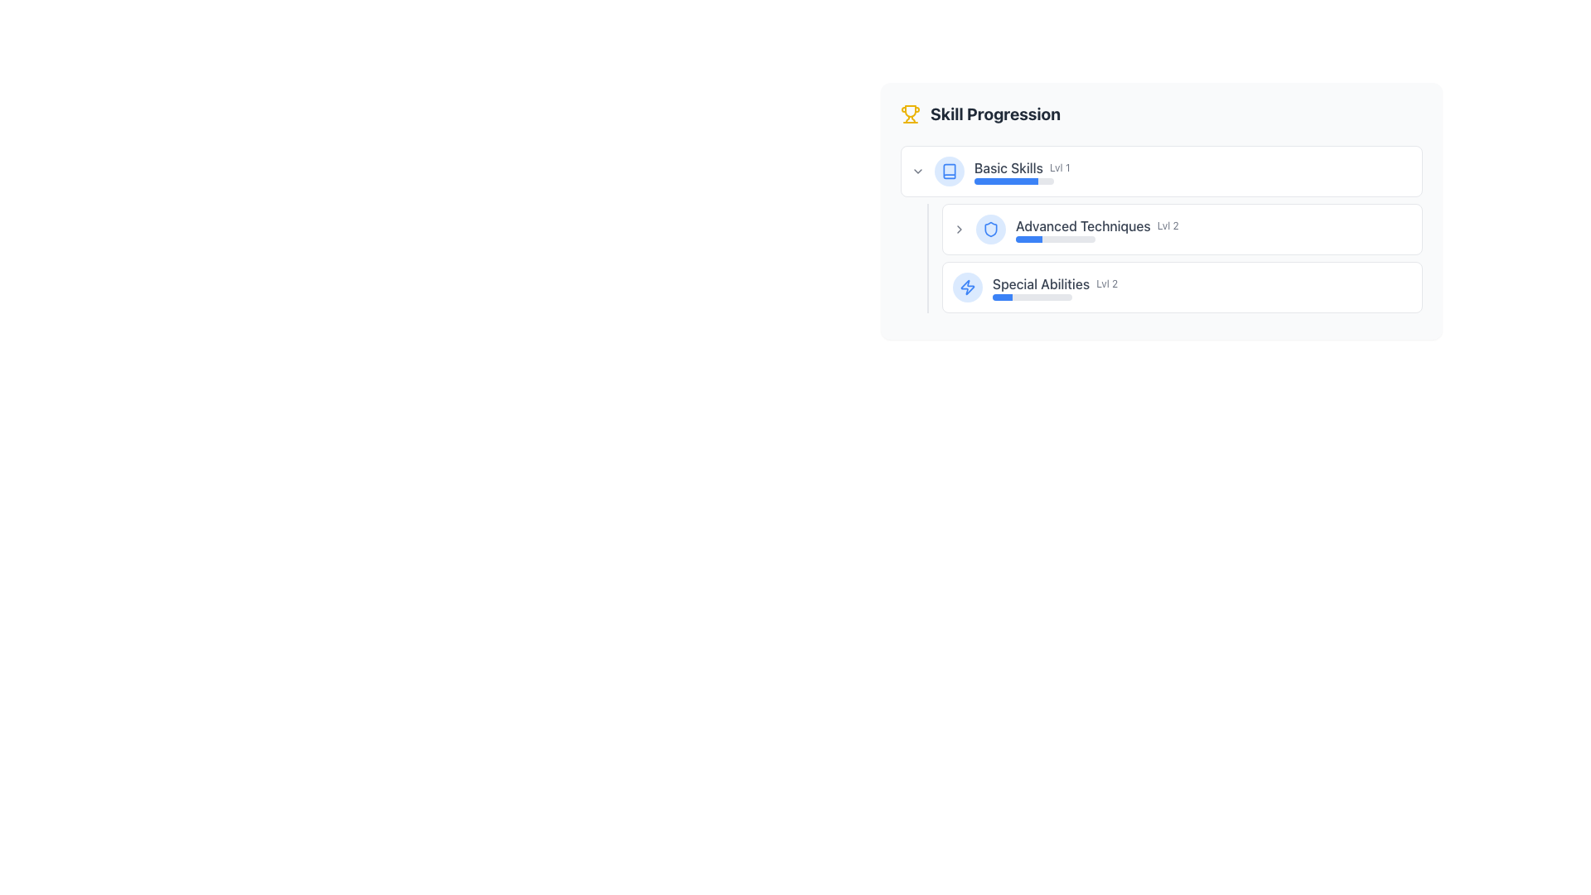 Image resolution: width=1591 pixels, height=895 pixels. What do you see at coordinates (1202, 287) in the screenshot?
I see `the 'Special Abilities Lvl 2' composite UI component that includes a progress bar` at bounding box center [1202, 287].